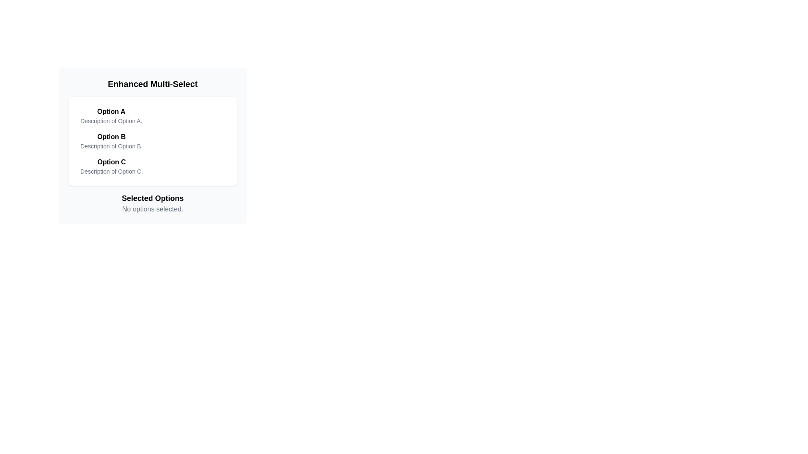 This screenshot has width=808, height=454. I want to click on on the second option 'Option B' in the 'Enhanced Multi-Select' list located on the left side of the interface, so click(111, 140).